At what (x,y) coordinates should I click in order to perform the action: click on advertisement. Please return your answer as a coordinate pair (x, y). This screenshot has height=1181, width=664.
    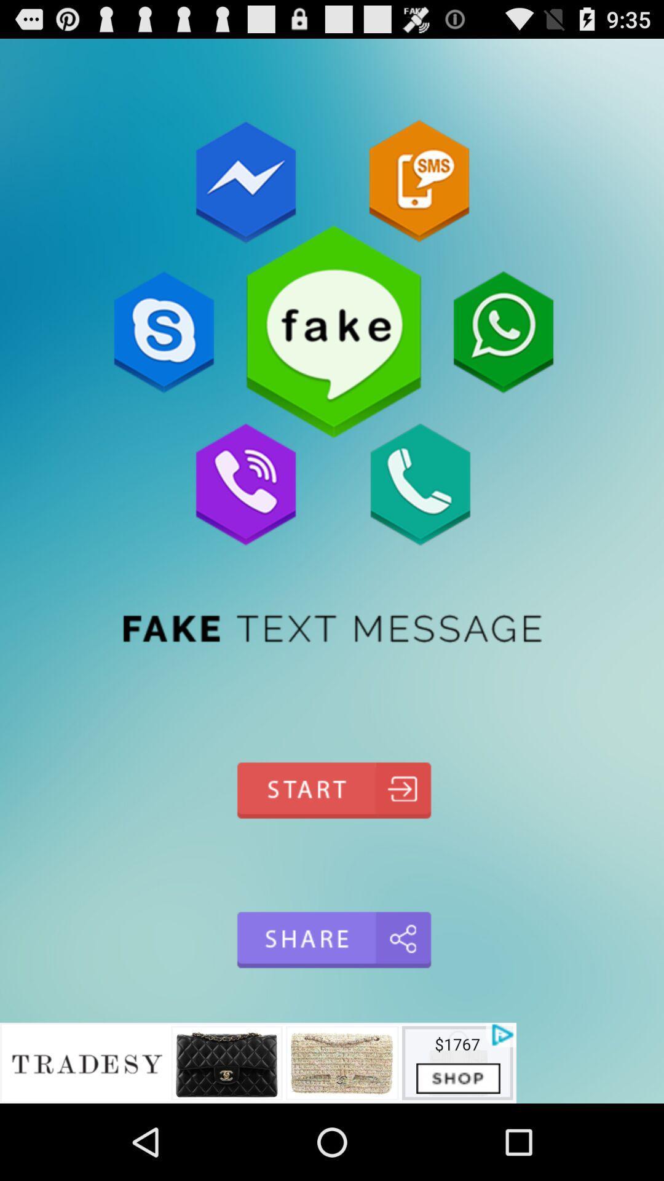
    Looking at the image, I should click on (258, 1062).